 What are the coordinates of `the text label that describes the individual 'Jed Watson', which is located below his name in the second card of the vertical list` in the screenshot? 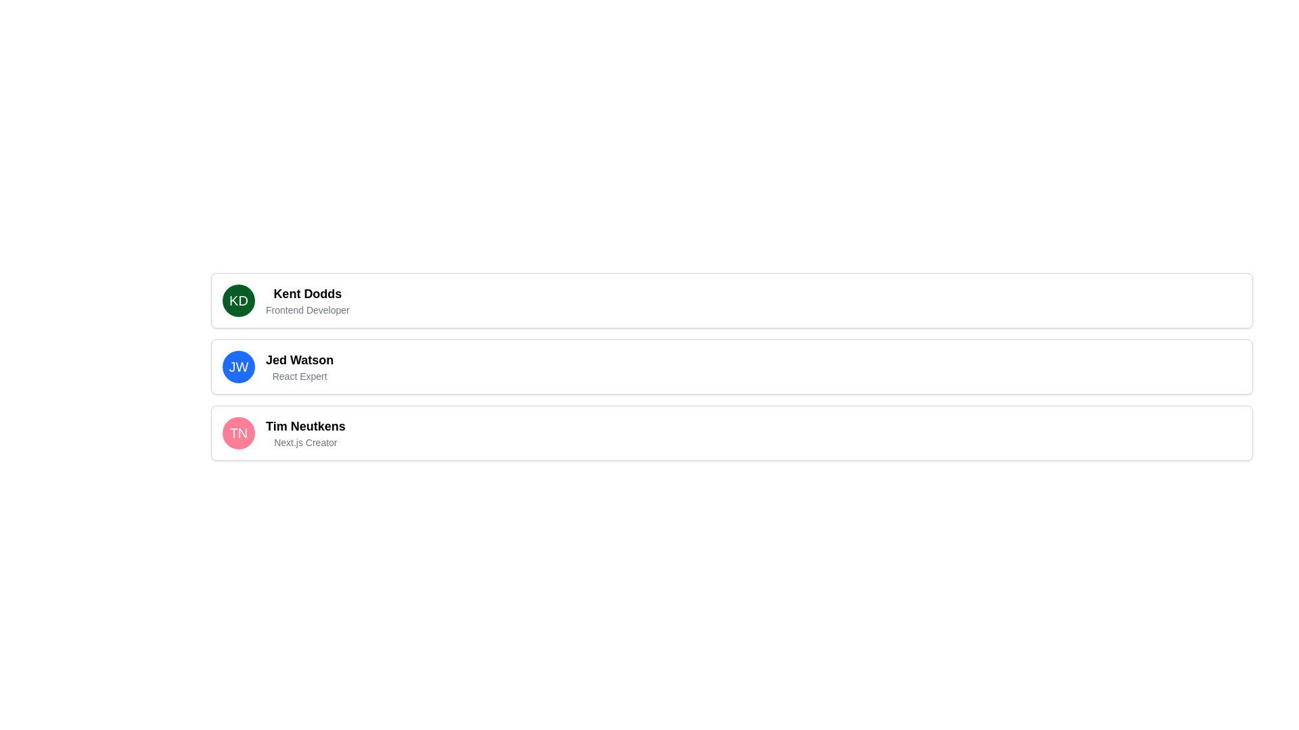 It's located at (299, 376).